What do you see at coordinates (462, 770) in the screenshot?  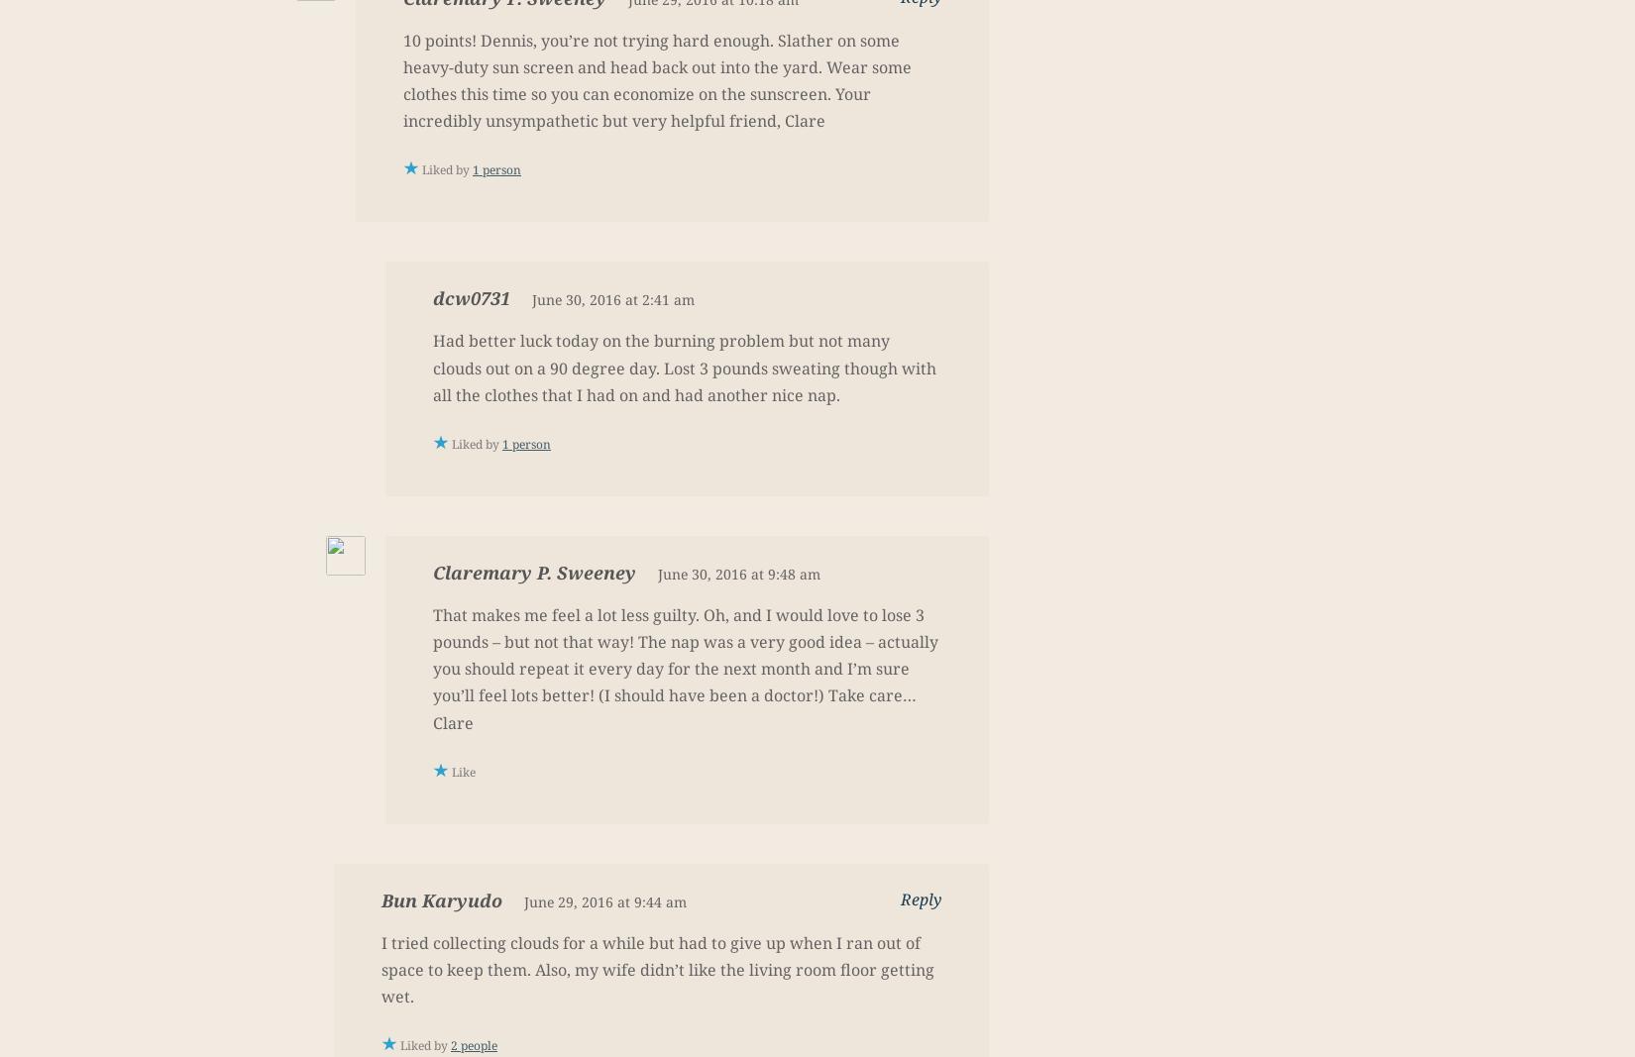 I see `'Like'` at bounding box center [462, 770].